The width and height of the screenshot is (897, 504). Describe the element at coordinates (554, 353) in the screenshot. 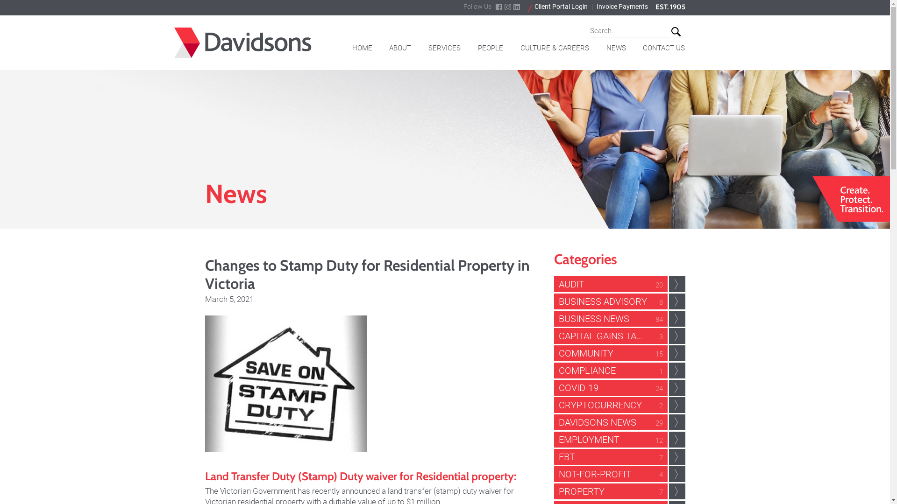

I see `'COMMUNITY` at that location.